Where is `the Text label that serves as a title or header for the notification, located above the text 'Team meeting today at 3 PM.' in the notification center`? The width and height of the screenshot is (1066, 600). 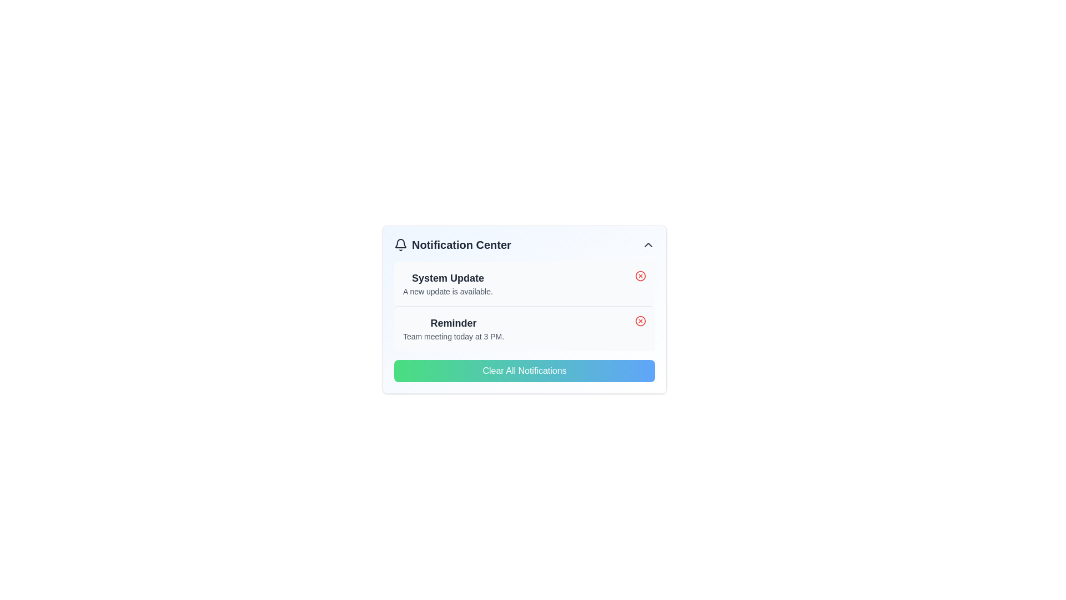 the Text label that serves as a title or header for the notification, located above the text 'Team meeting today at 3 PM.' in the notification center is located at coordinates (453, 323).